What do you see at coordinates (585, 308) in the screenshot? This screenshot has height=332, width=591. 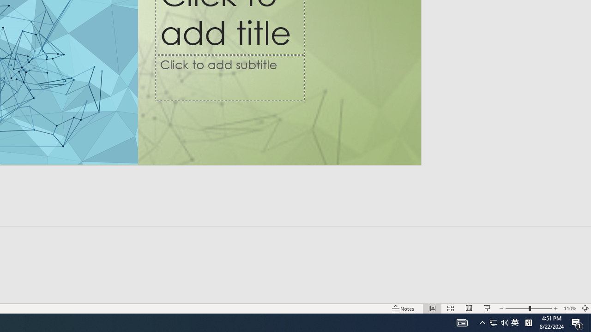 I see `'Zoom 110%'` at bounding box center [585, 308].